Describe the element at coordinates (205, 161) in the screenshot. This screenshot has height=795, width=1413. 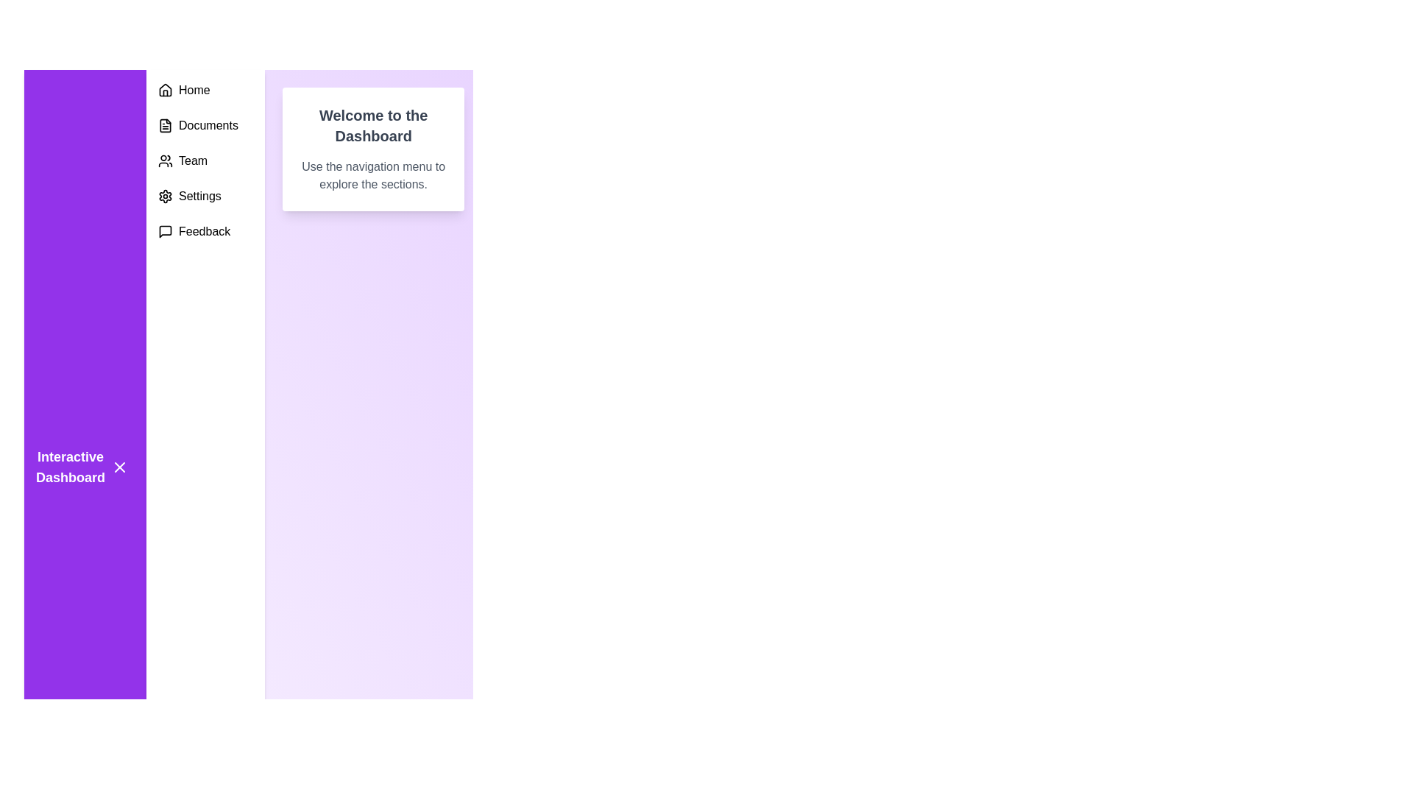
I see `the 'Team' navigation menu item, which features a people icon and is the third item in the vertical menu on the left side of the page` at that location.